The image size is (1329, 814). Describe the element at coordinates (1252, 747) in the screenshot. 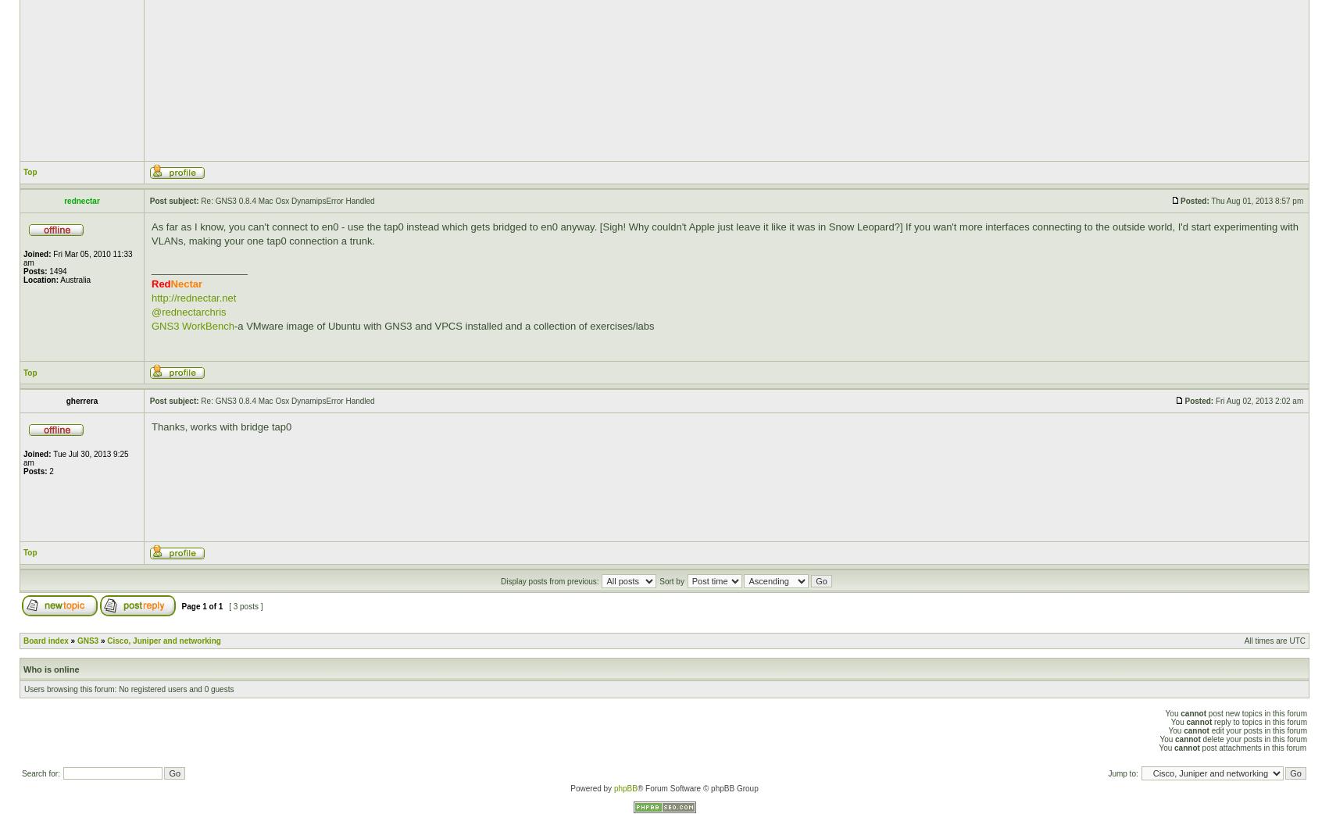

I see `'post attachments in this forum'` at that location.